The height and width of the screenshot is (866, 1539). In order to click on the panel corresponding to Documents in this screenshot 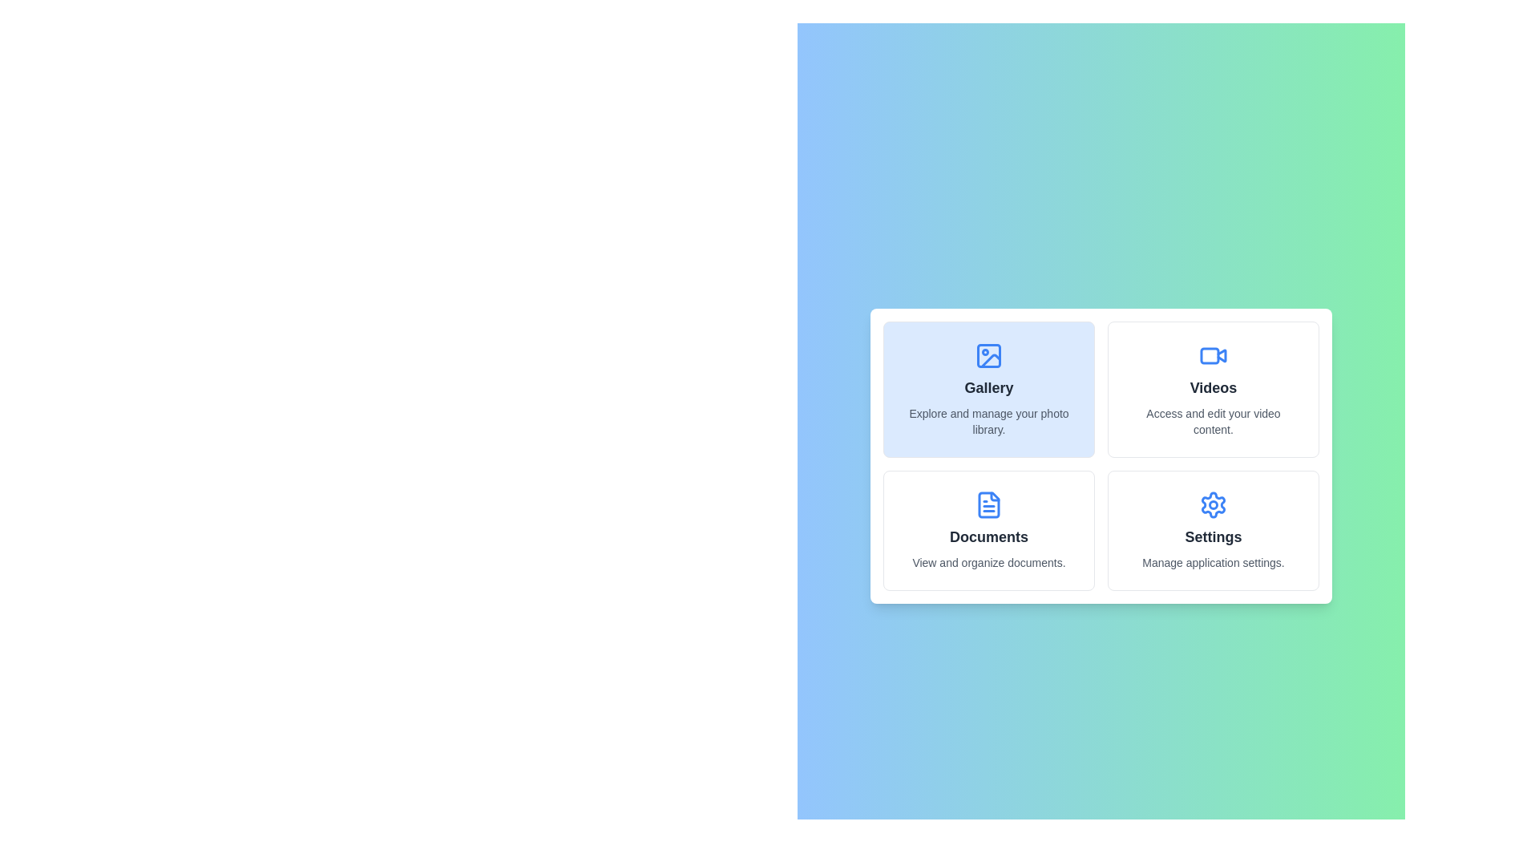, I will do `click(988, 531)`.